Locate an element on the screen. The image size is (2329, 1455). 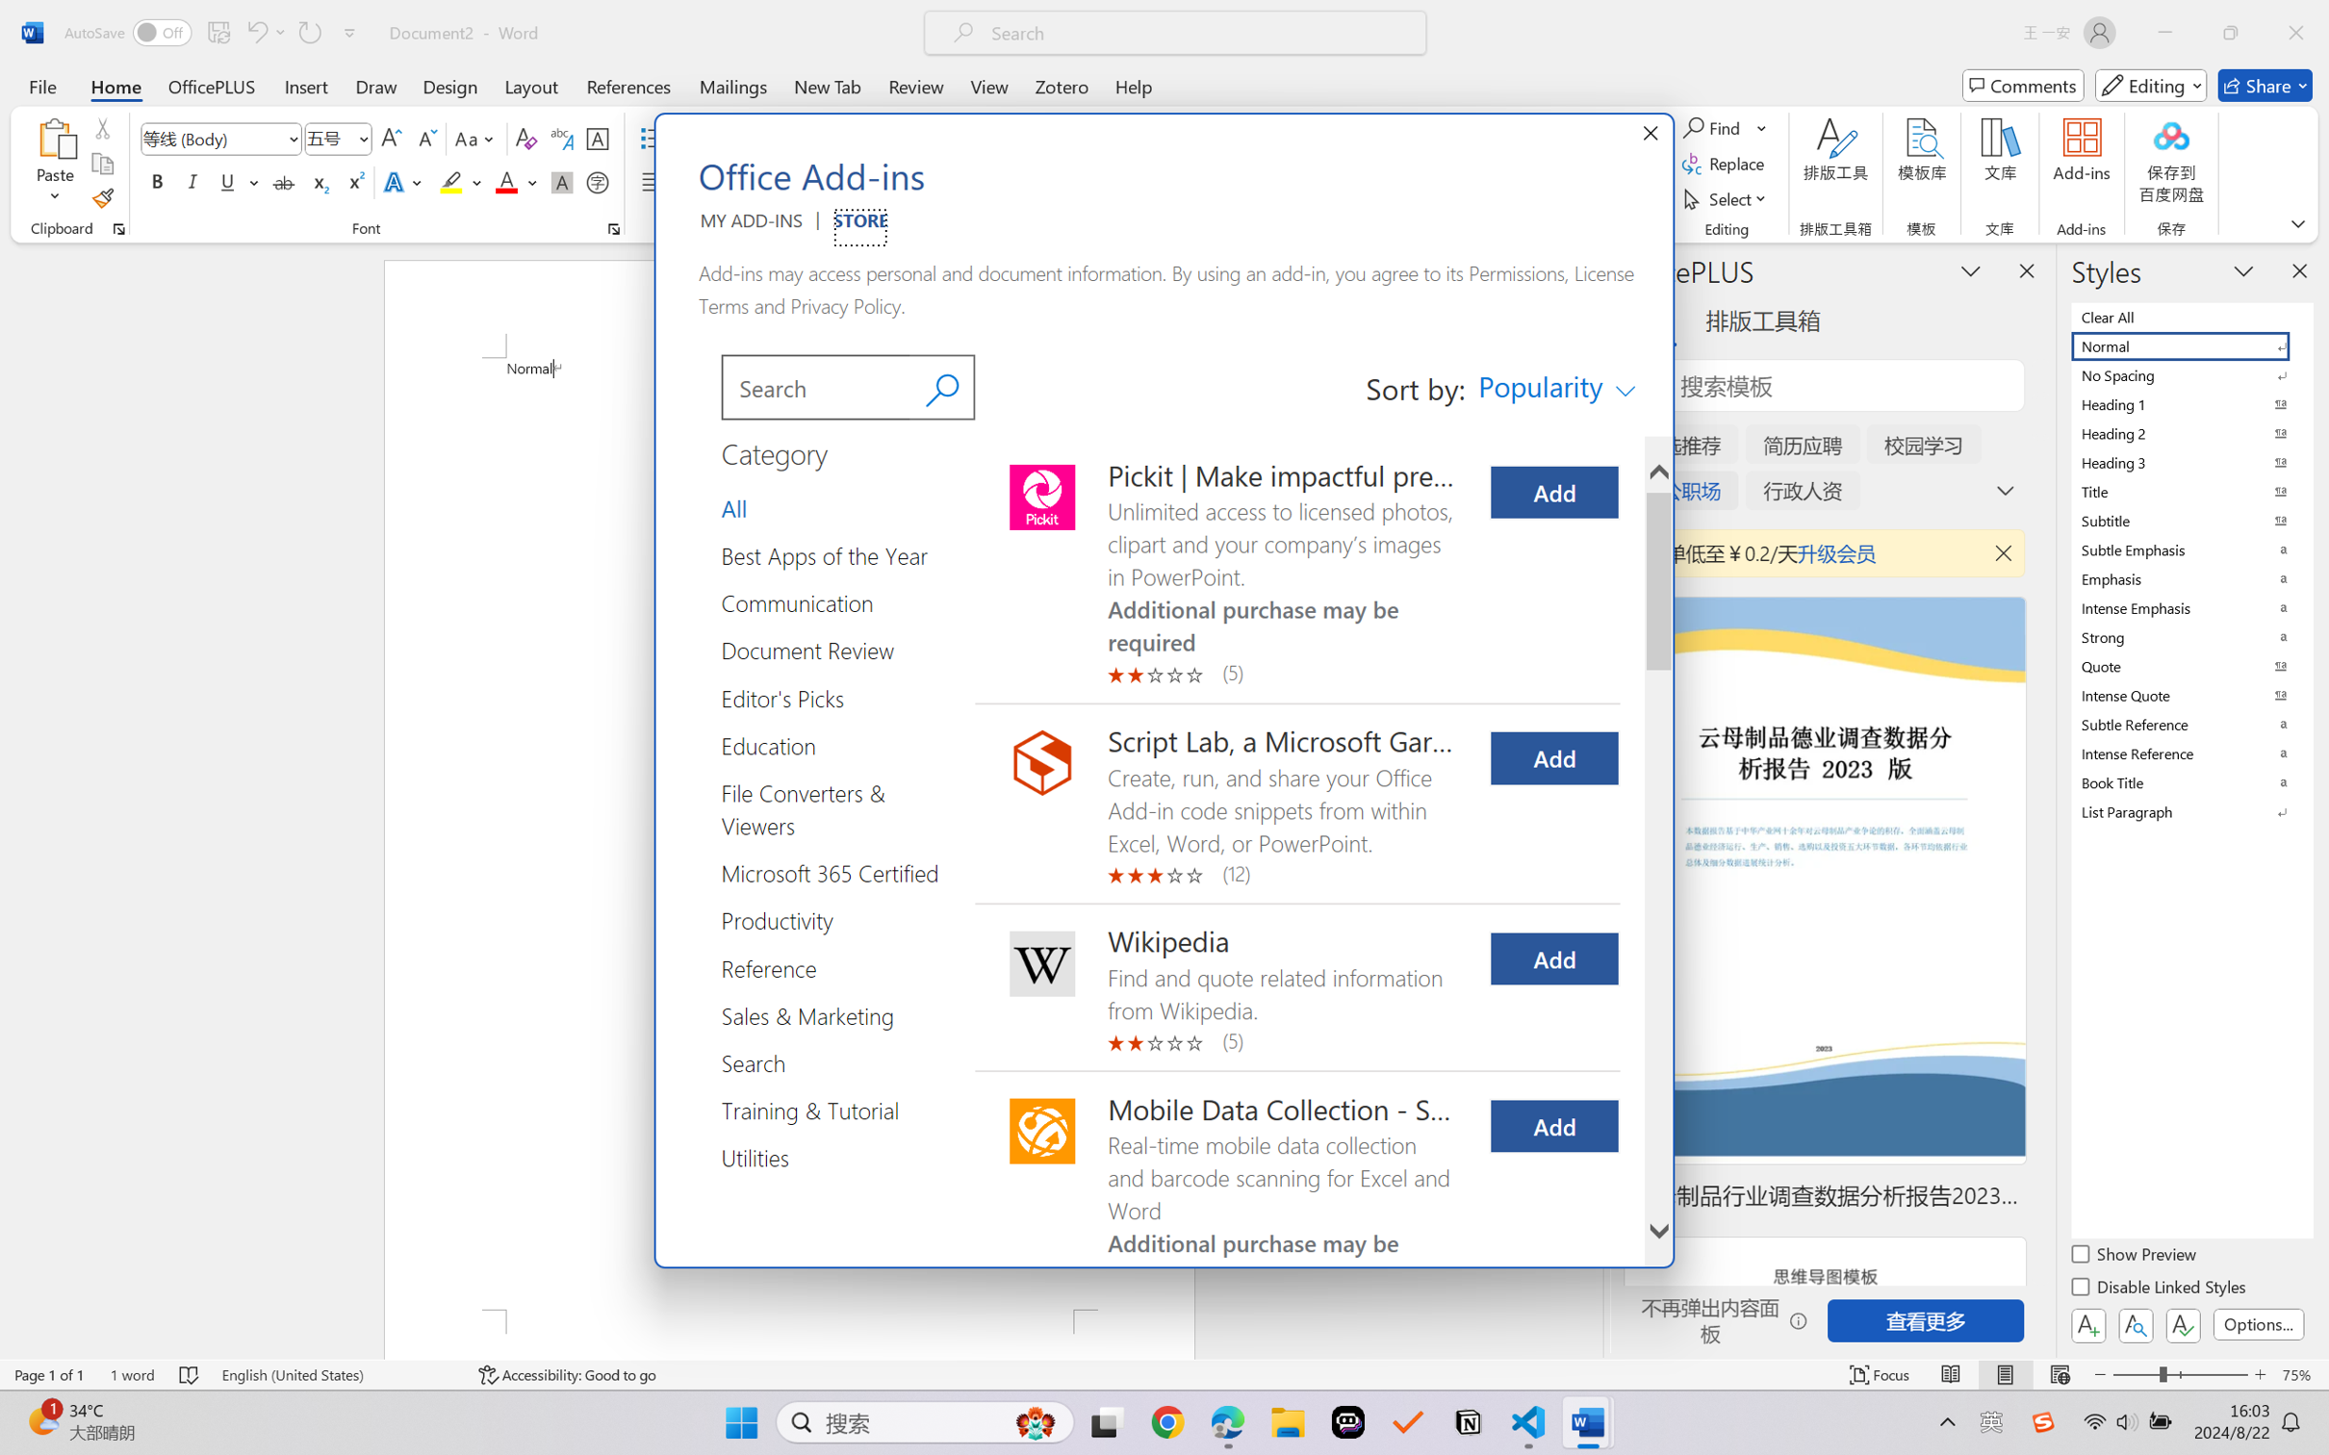
'Options...' is located at coordinates (2256, 1323).